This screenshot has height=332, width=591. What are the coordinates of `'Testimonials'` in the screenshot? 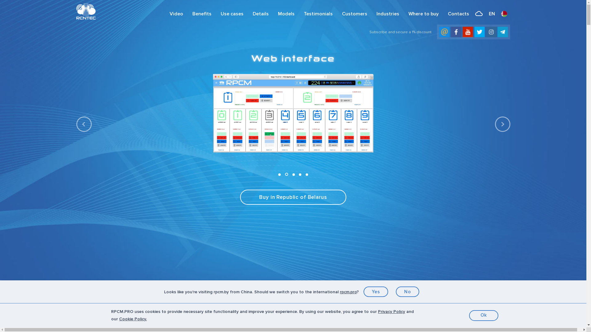 It's located at (318, 14).